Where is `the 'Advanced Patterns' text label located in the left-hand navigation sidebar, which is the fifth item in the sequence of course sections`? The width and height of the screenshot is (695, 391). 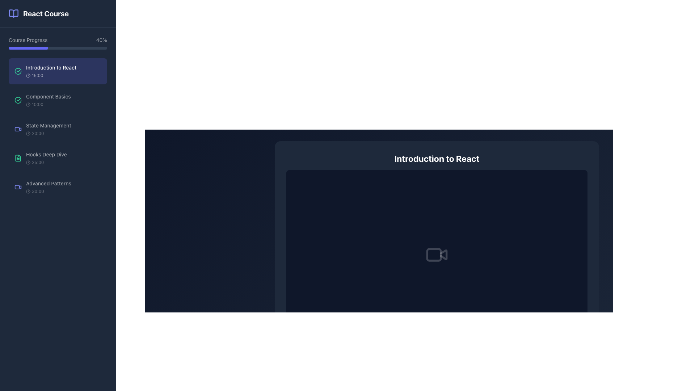 the 'Advanced Patterns' text label located in the left-hand navigation sidebar, which is the fifth item in the sequence of course sections is located at coordinates (64, 183).